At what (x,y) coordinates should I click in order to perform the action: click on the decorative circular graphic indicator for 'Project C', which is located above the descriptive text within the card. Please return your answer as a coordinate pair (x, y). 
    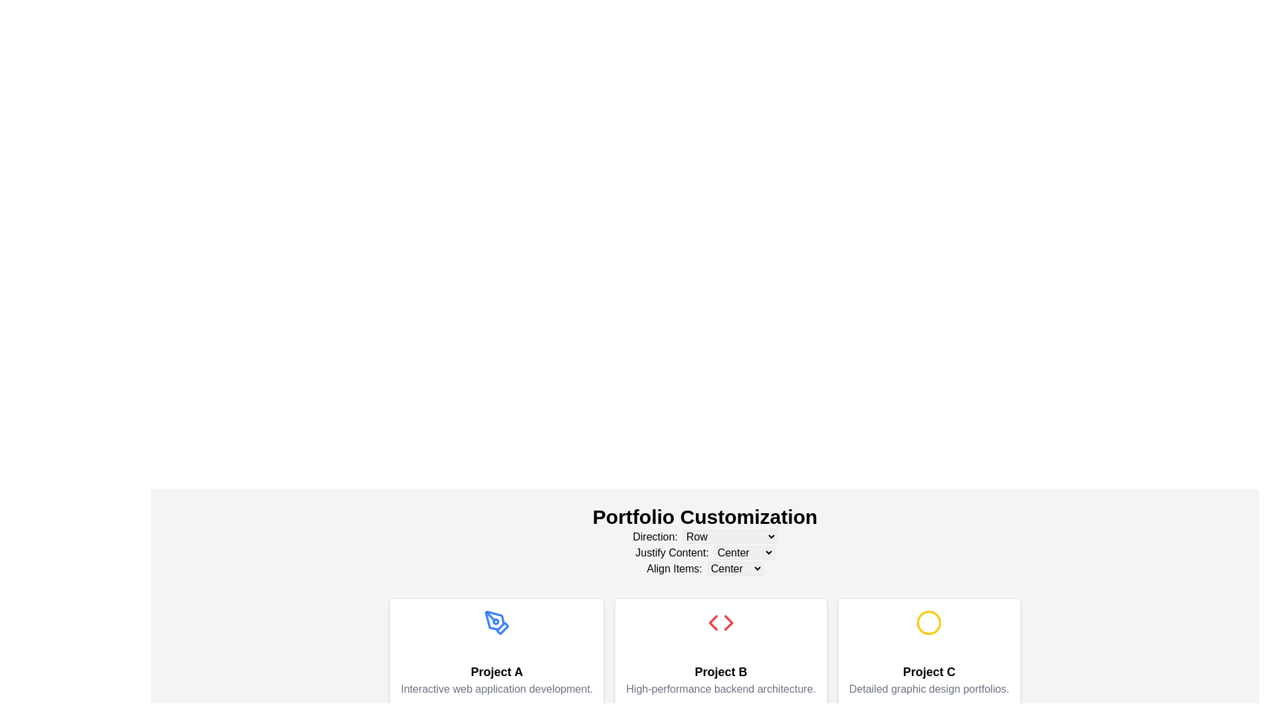
    Looking at the image, I should click on (928, 623).